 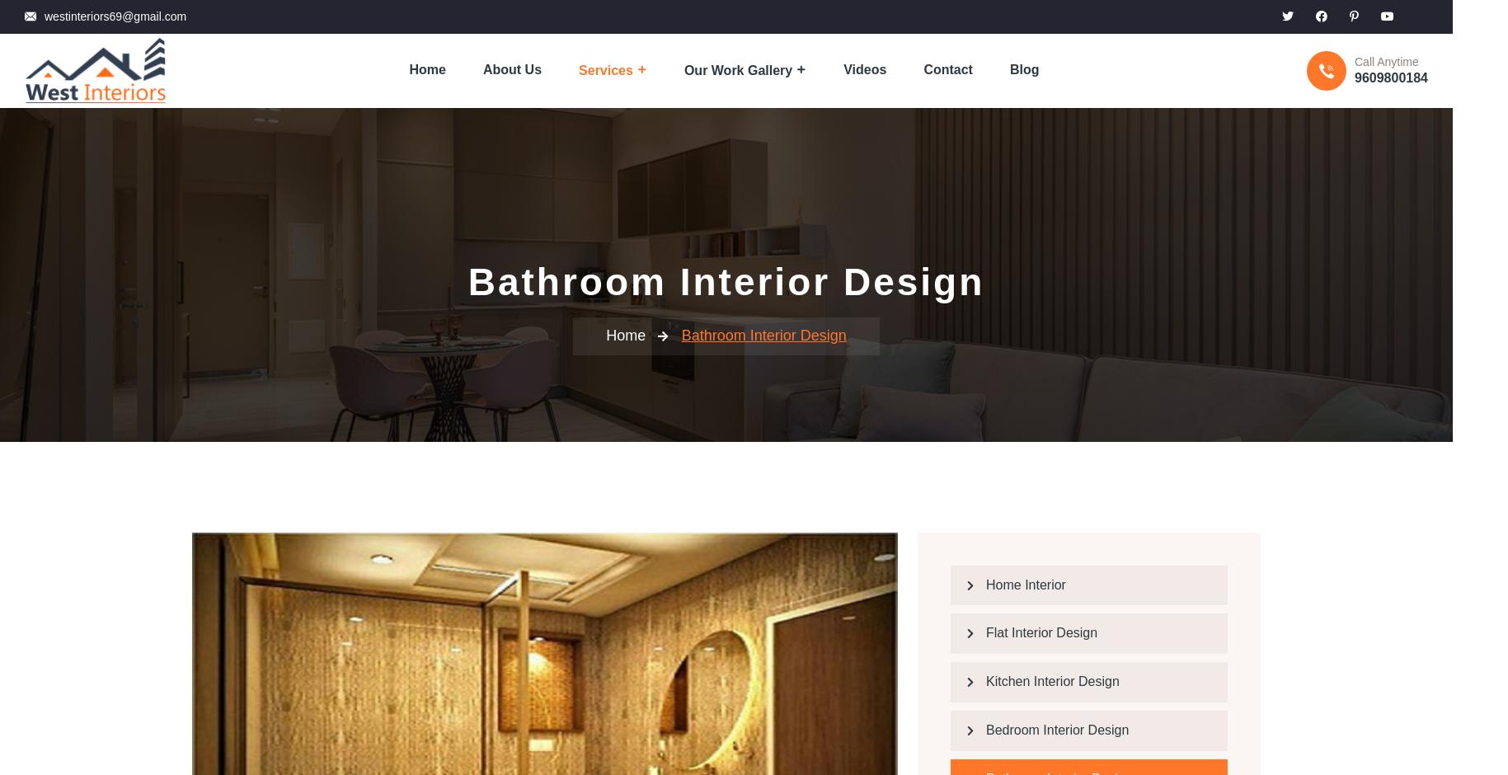 I want to click on 'Videos', so click(x=842, y=35).